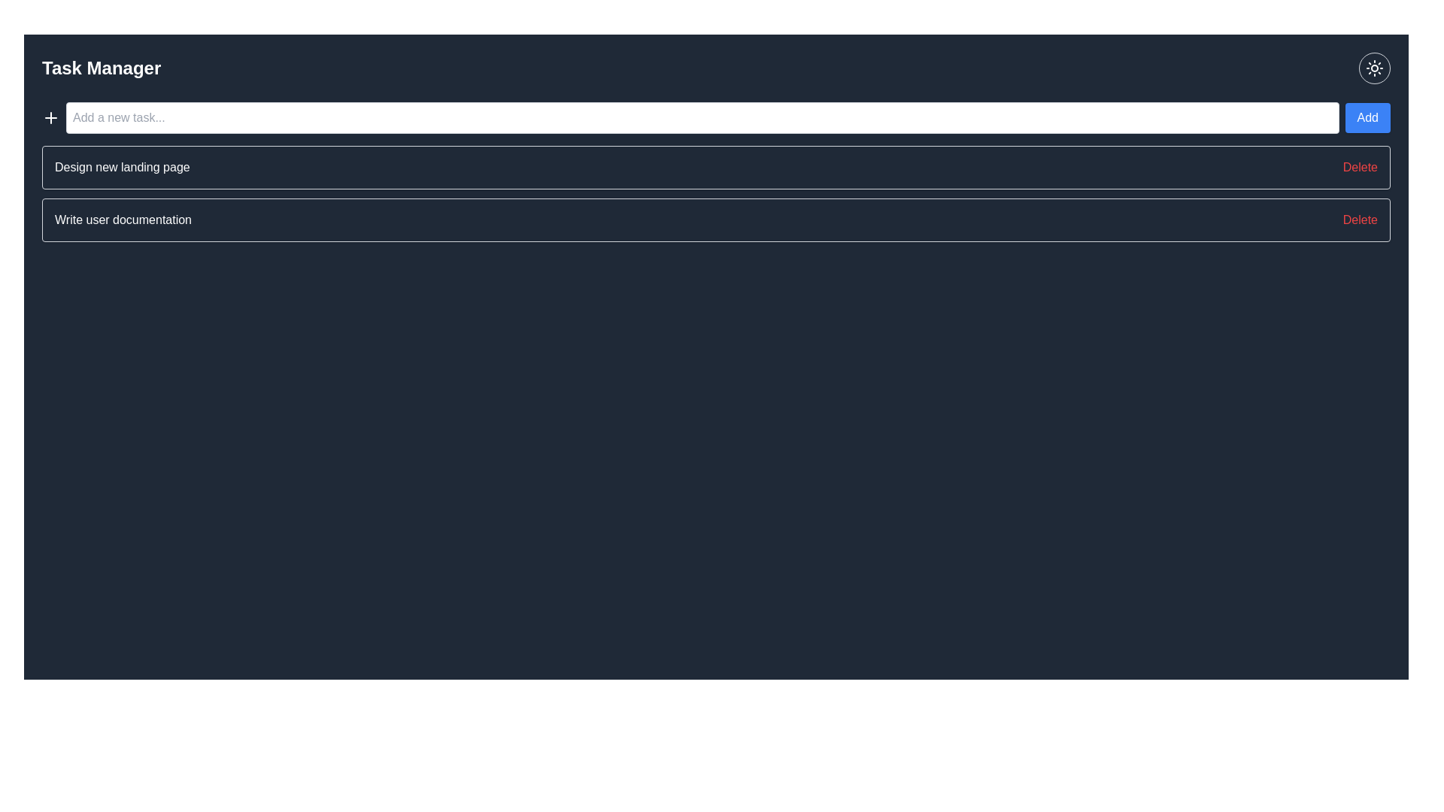 The height and width of the screenshot is (812, 1444). I want to click on the second task item in the list with a blue background labeled 'Write user documentation', which contains a red 'Delete' button on the right, so click(715, 220).